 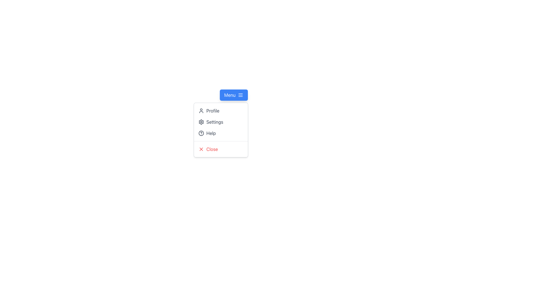 I want to click on the visual separator in the dropdown menu located underneath the 'Help' item and above the 'Close' item, so click(x=221, y=141).